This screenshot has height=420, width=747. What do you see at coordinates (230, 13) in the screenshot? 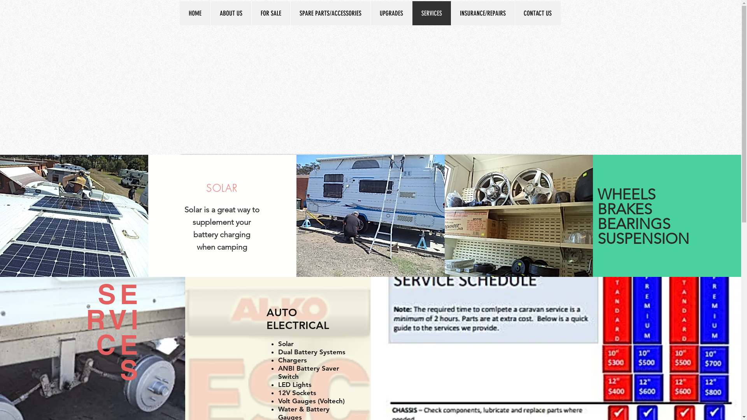
I see `'ABOUT US'` at bounding box center [230, 13].